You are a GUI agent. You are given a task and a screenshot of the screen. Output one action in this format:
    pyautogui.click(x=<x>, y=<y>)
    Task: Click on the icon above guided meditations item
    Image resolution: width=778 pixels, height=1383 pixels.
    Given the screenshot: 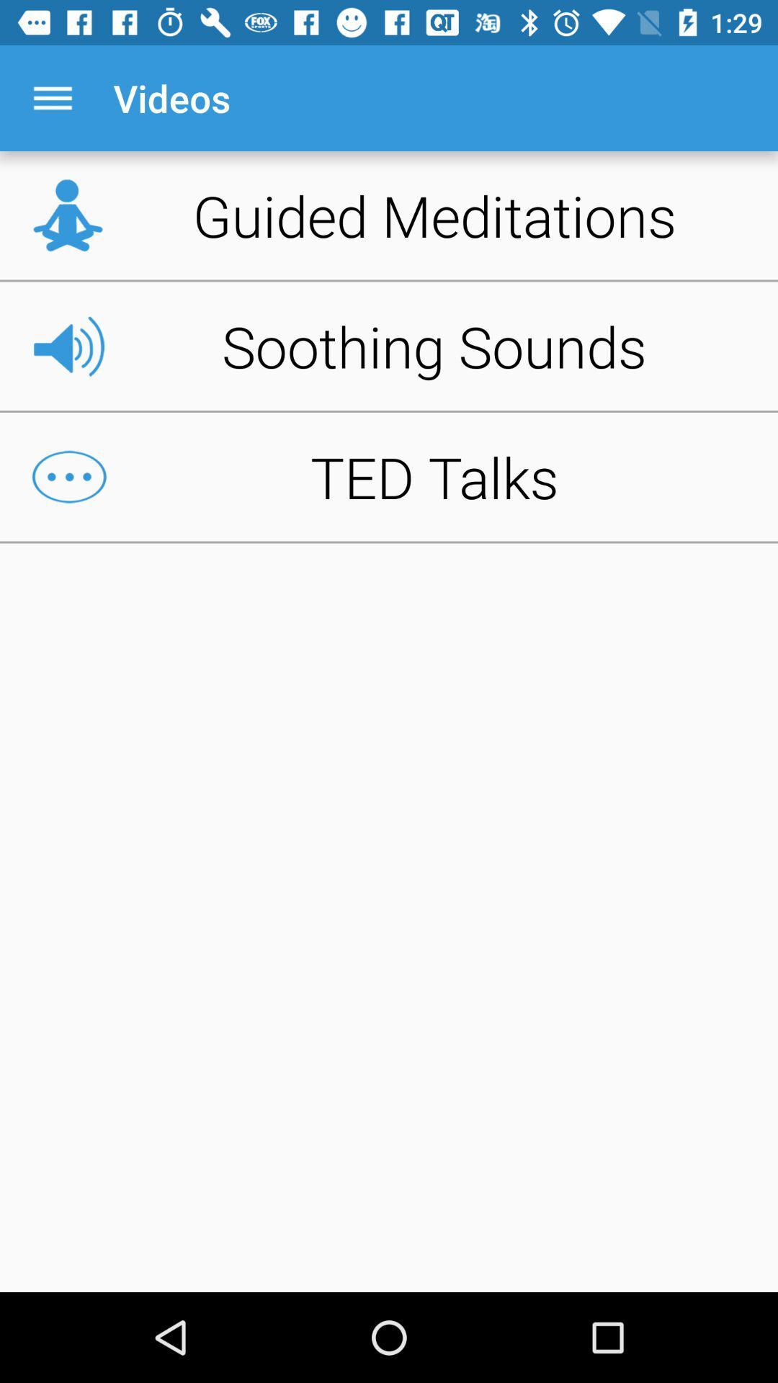 What is the action you would take?
    pyautogui.click(x=52, y=97)
    